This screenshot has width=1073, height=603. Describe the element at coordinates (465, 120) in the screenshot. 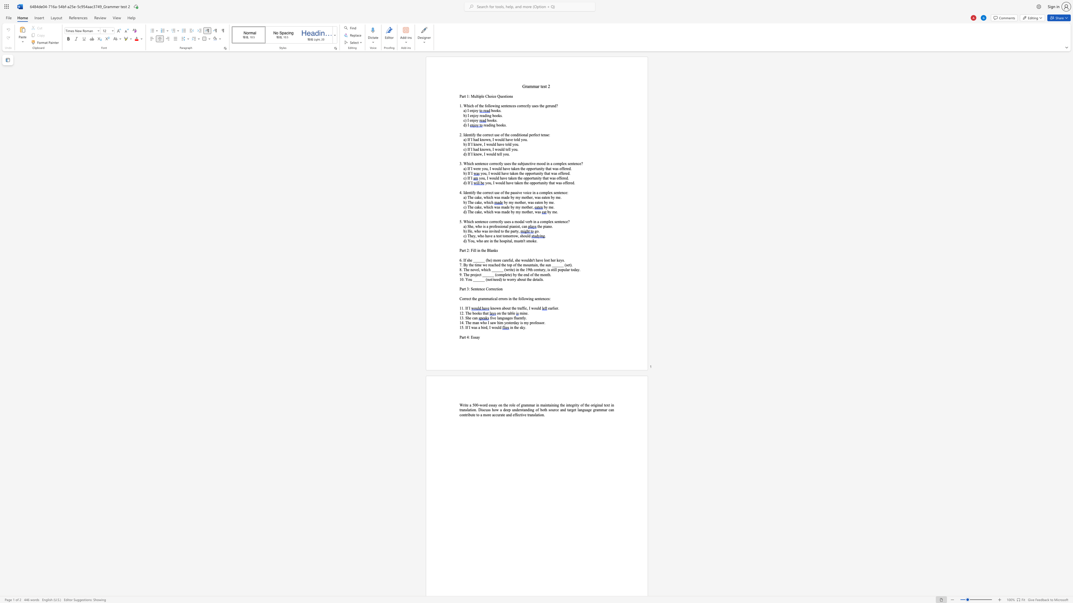

I see `the space between the continuous character "c" and ")" in the text` at that location.